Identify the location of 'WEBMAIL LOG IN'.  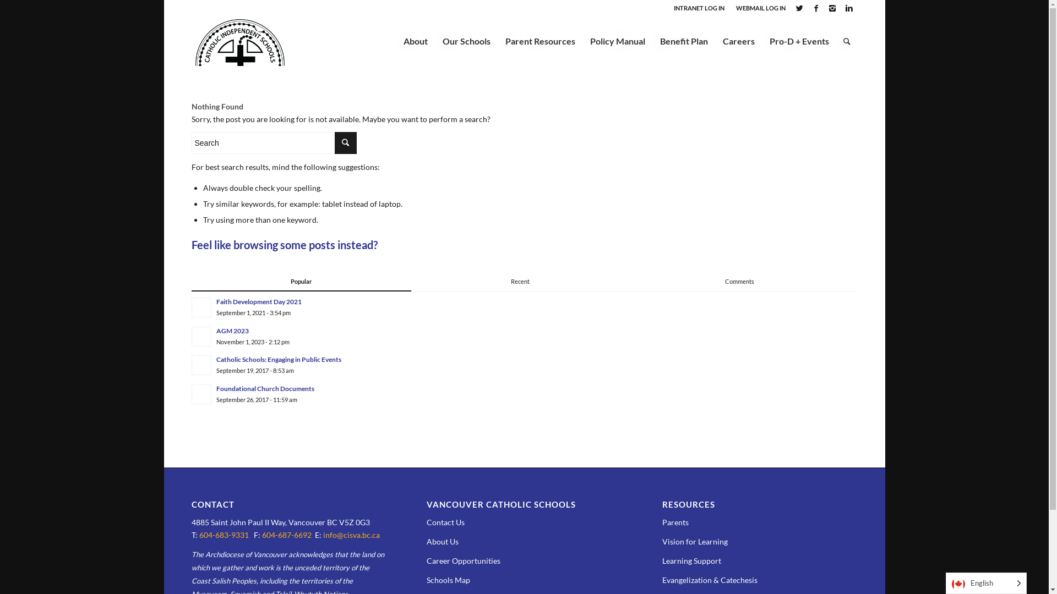
(760, 8).